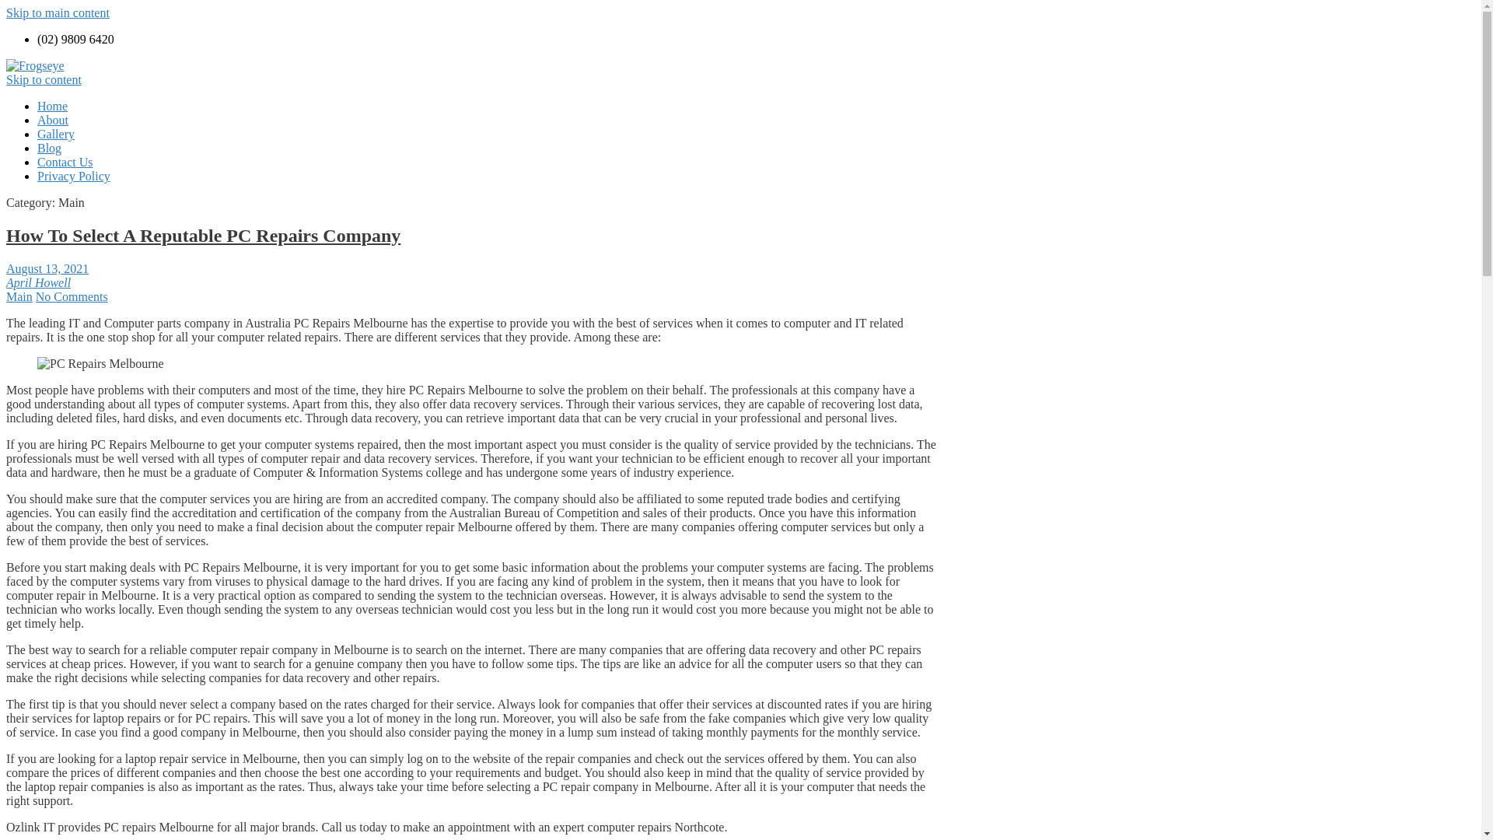 The width and height of the screenshot is (1493, 840). What do you see at coordinates (73, 175) in the screenshot?
I see `'Privacy Policy'` at bounding box center [73, 175].